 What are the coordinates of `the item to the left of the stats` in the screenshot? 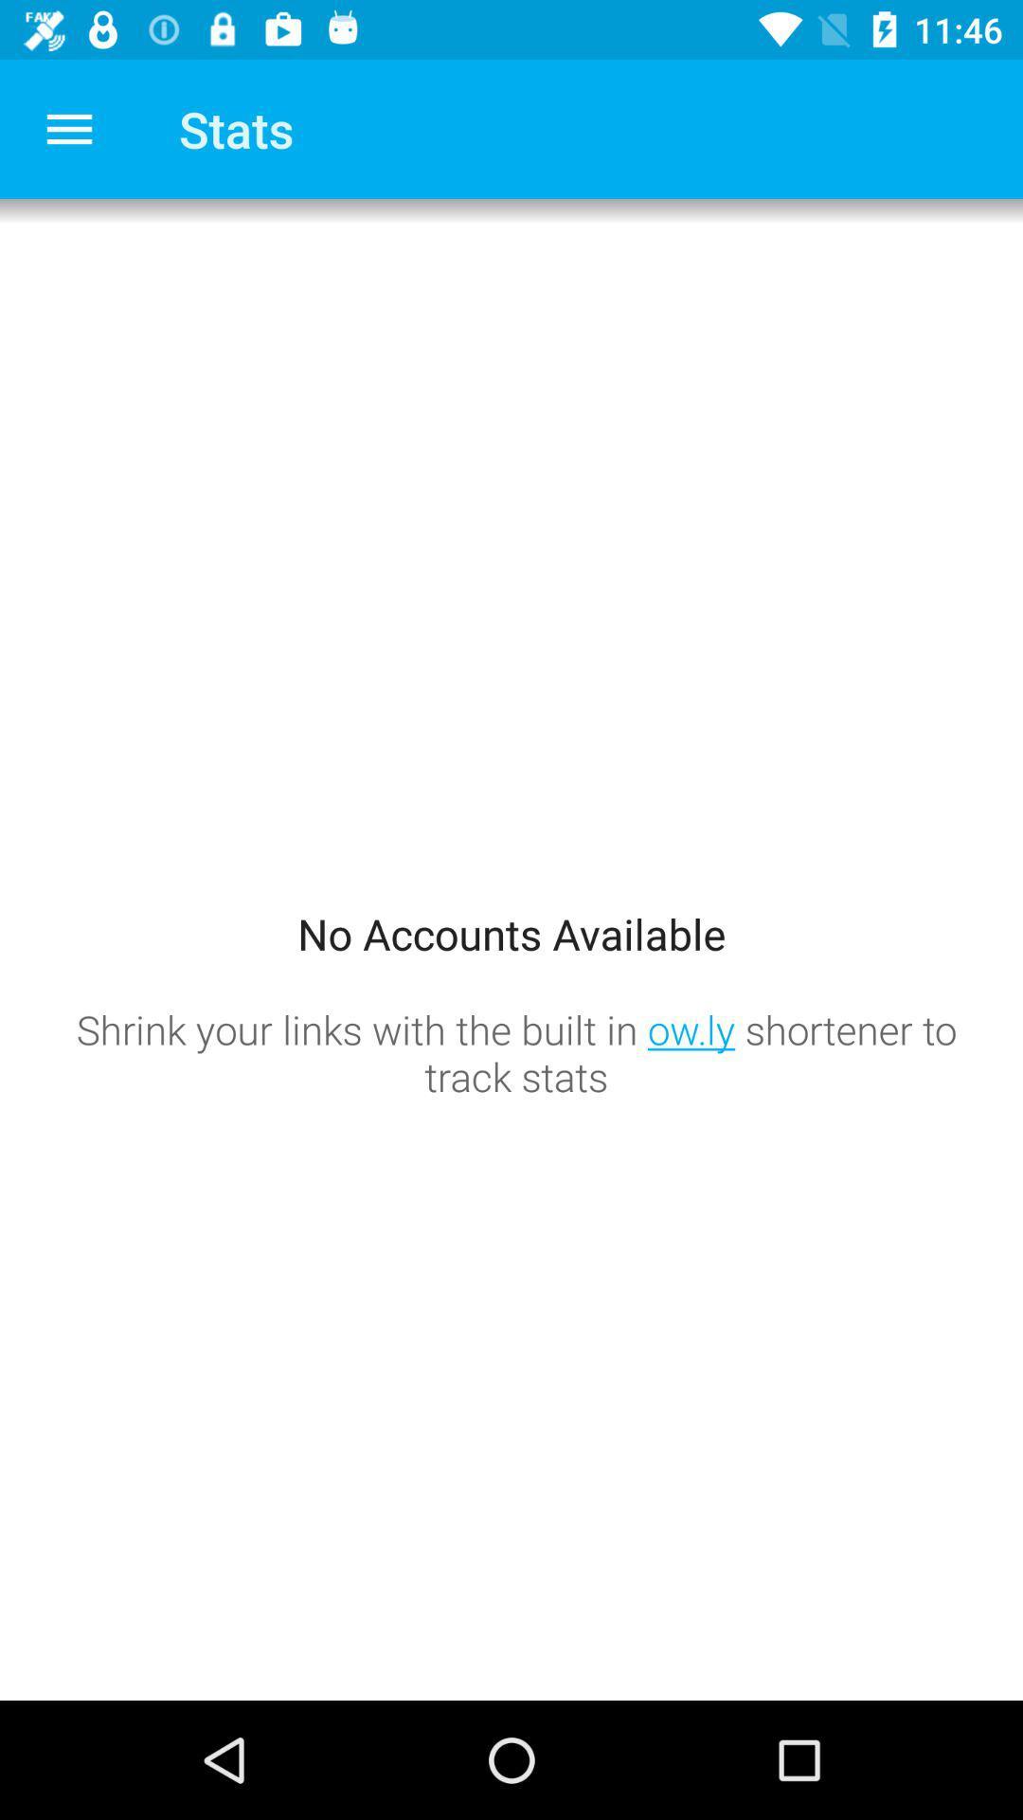 It's located at (68, 128).